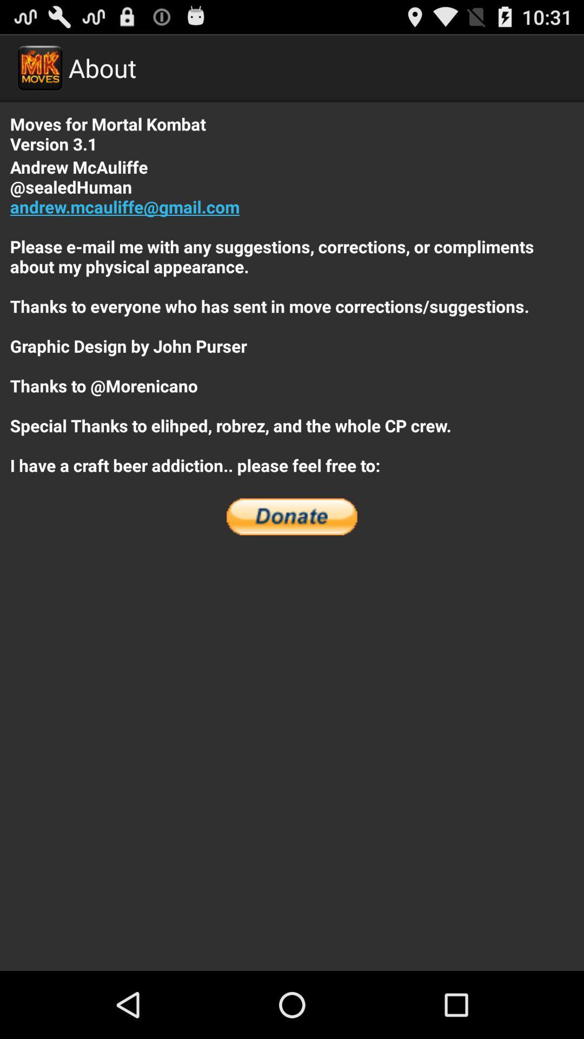  What do you see at coordinates (292, 516) in the screenshot?
I see `shows donate option` at bounding box center [292, 516].